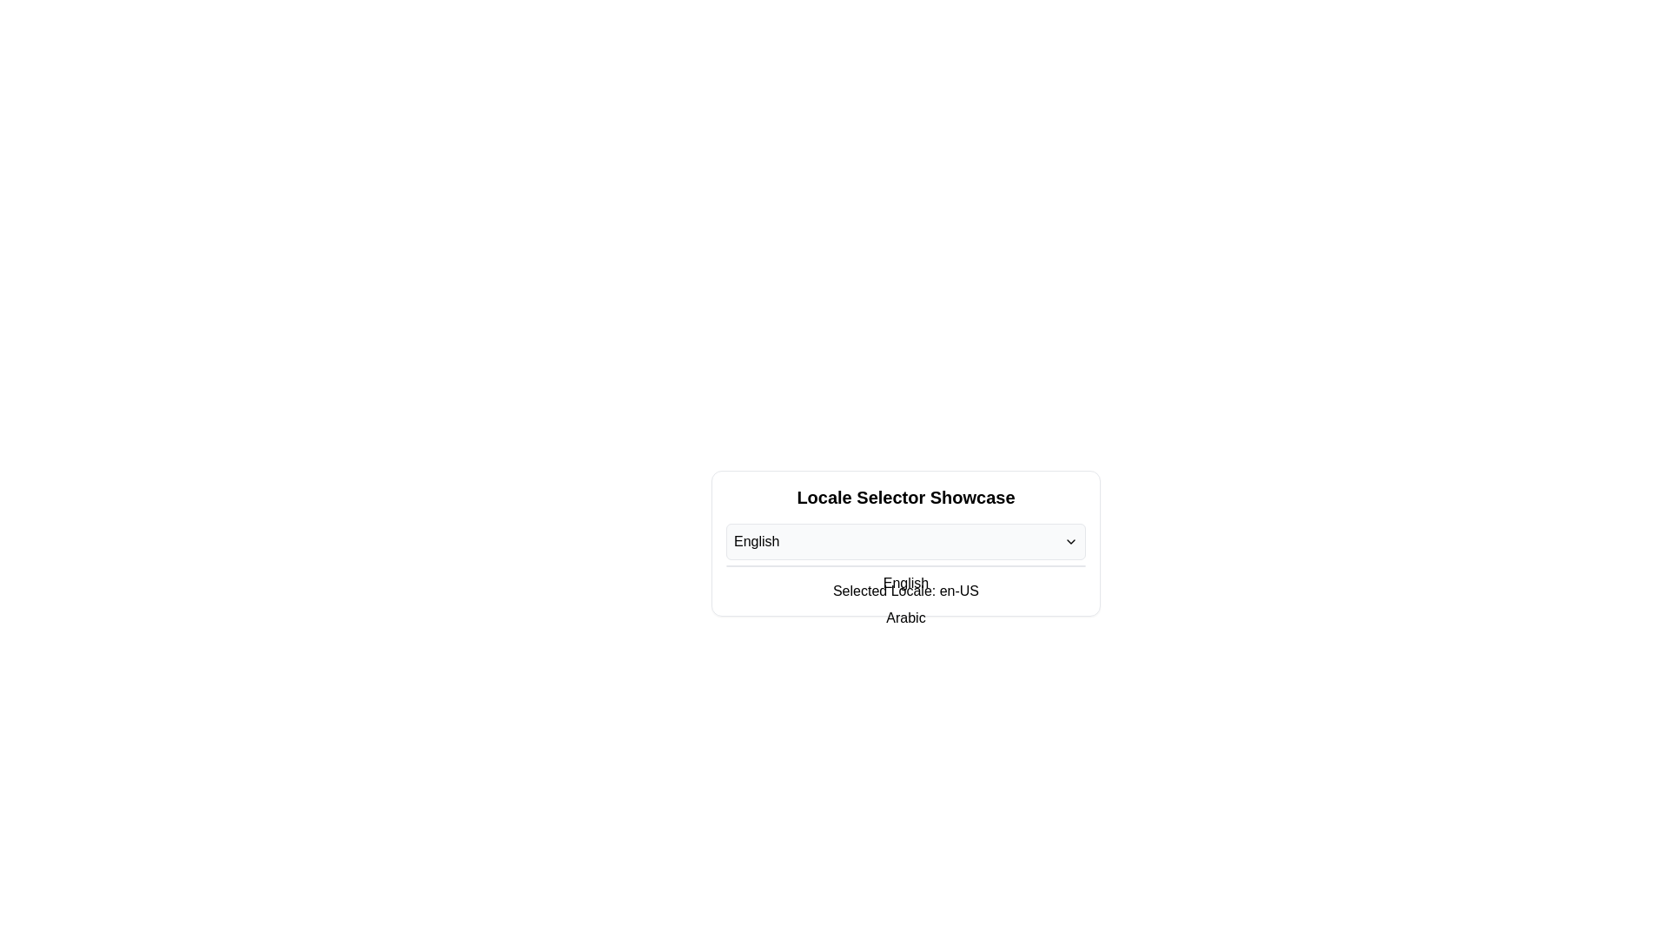 This screenshot has height=938, width=1668. What do you see at coordinates (1070, 541) in the screenshot?
I see `the downward-facing chevron icon located to the far-right of the 'English' text in the Locale Selector Showcase to interact with the dropdown menu` at bounding box center [1070, 541].